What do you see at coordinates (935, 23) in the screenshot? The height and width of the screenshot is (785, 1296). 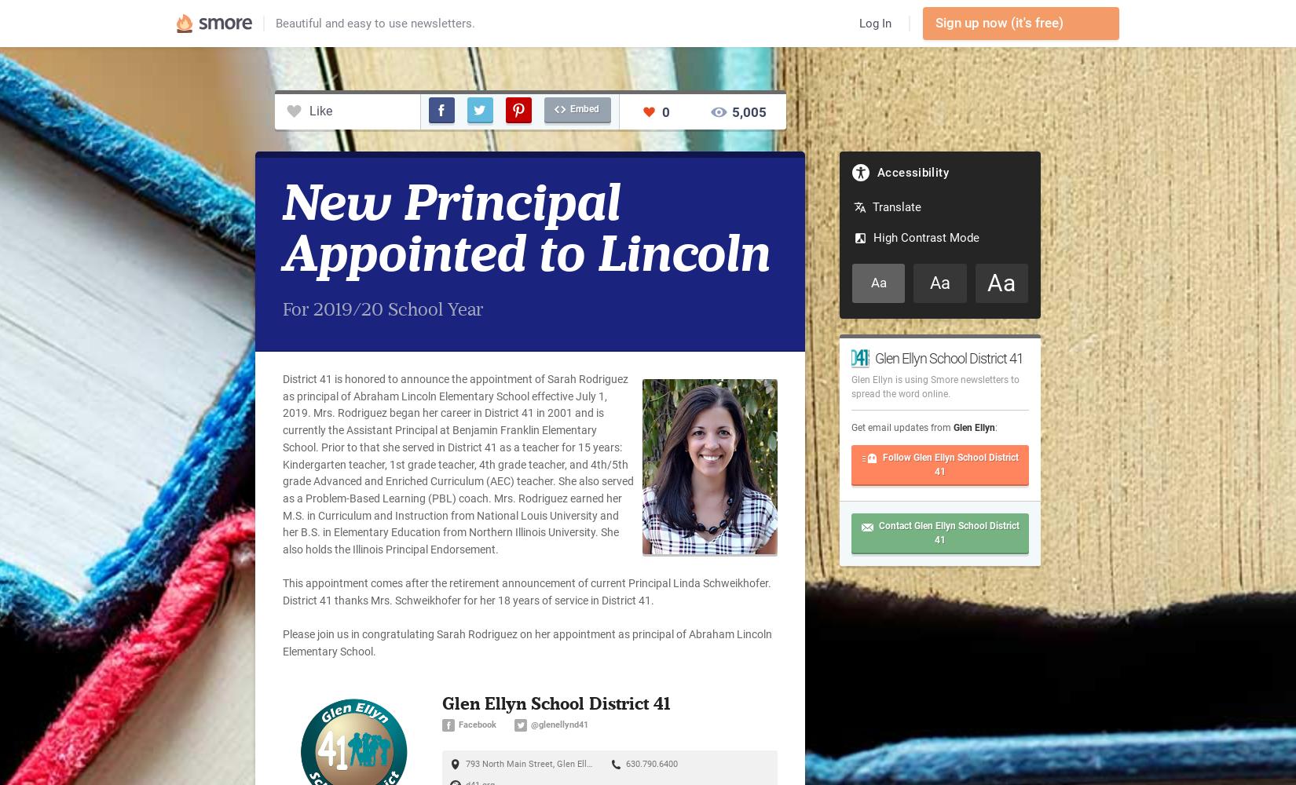 I see `'Sign up now (it's free)'` at bounding box center [935, 23].